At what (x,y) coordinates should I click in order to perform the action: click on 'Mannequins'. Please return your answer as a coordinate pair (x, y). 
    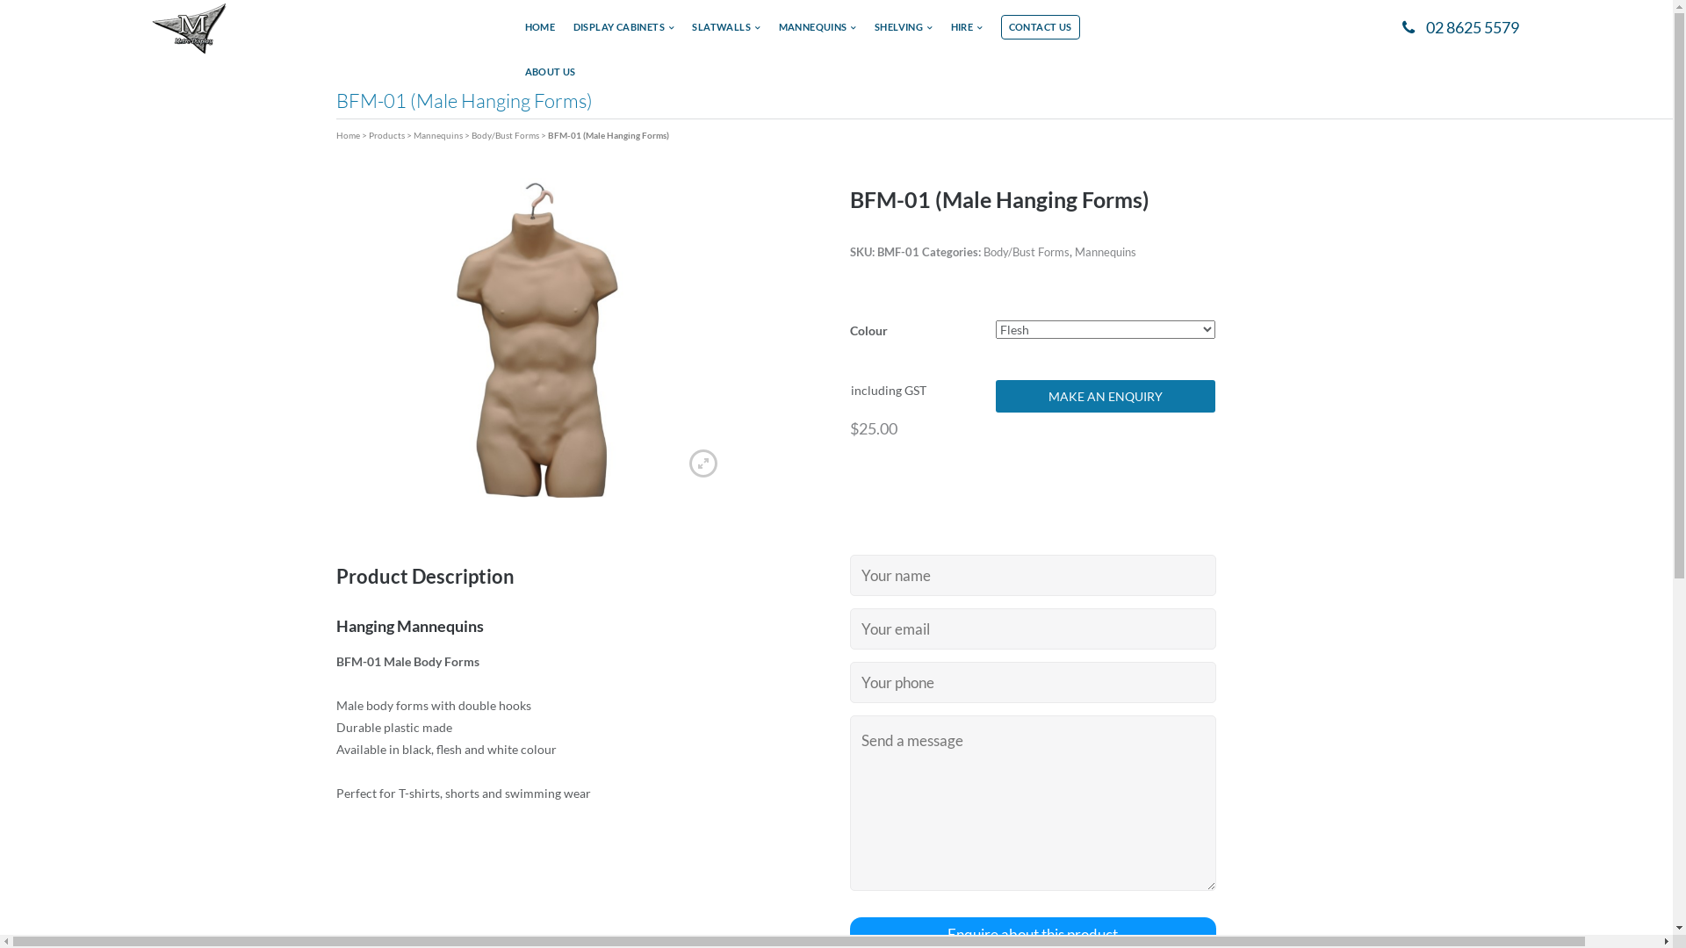
    Looking at the image, I should click on (437, 134).